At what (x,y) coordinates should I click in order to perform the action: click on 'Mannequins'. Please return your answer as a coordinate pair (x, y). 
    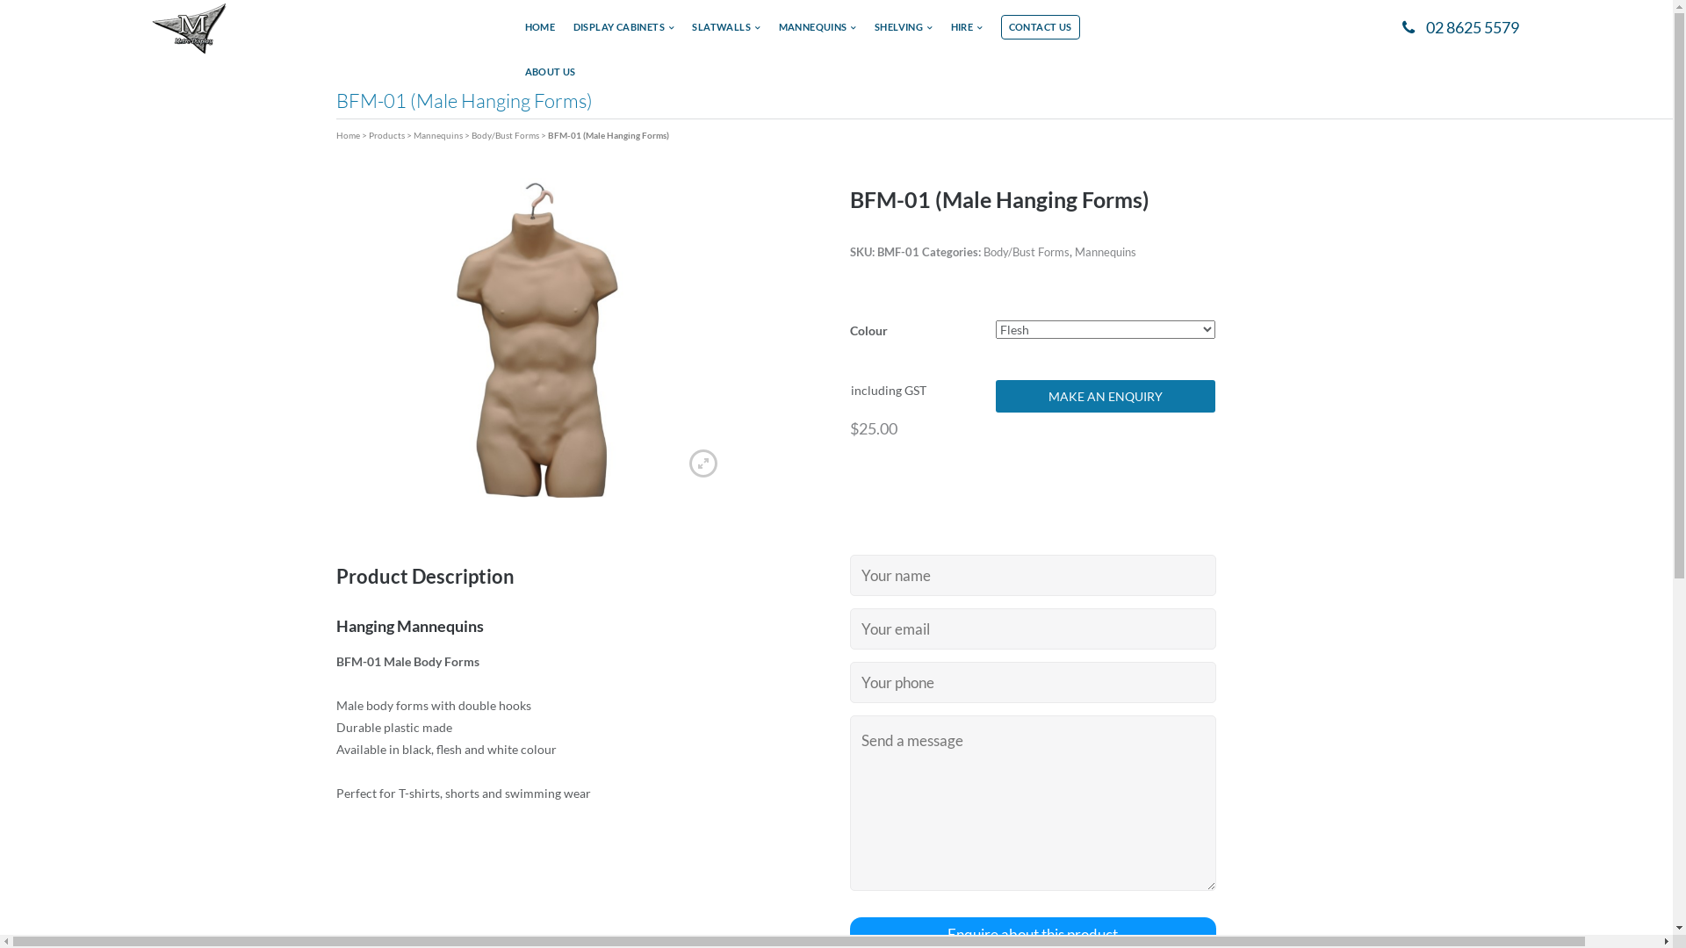
    Looking at the image, I should click on (437, 134).